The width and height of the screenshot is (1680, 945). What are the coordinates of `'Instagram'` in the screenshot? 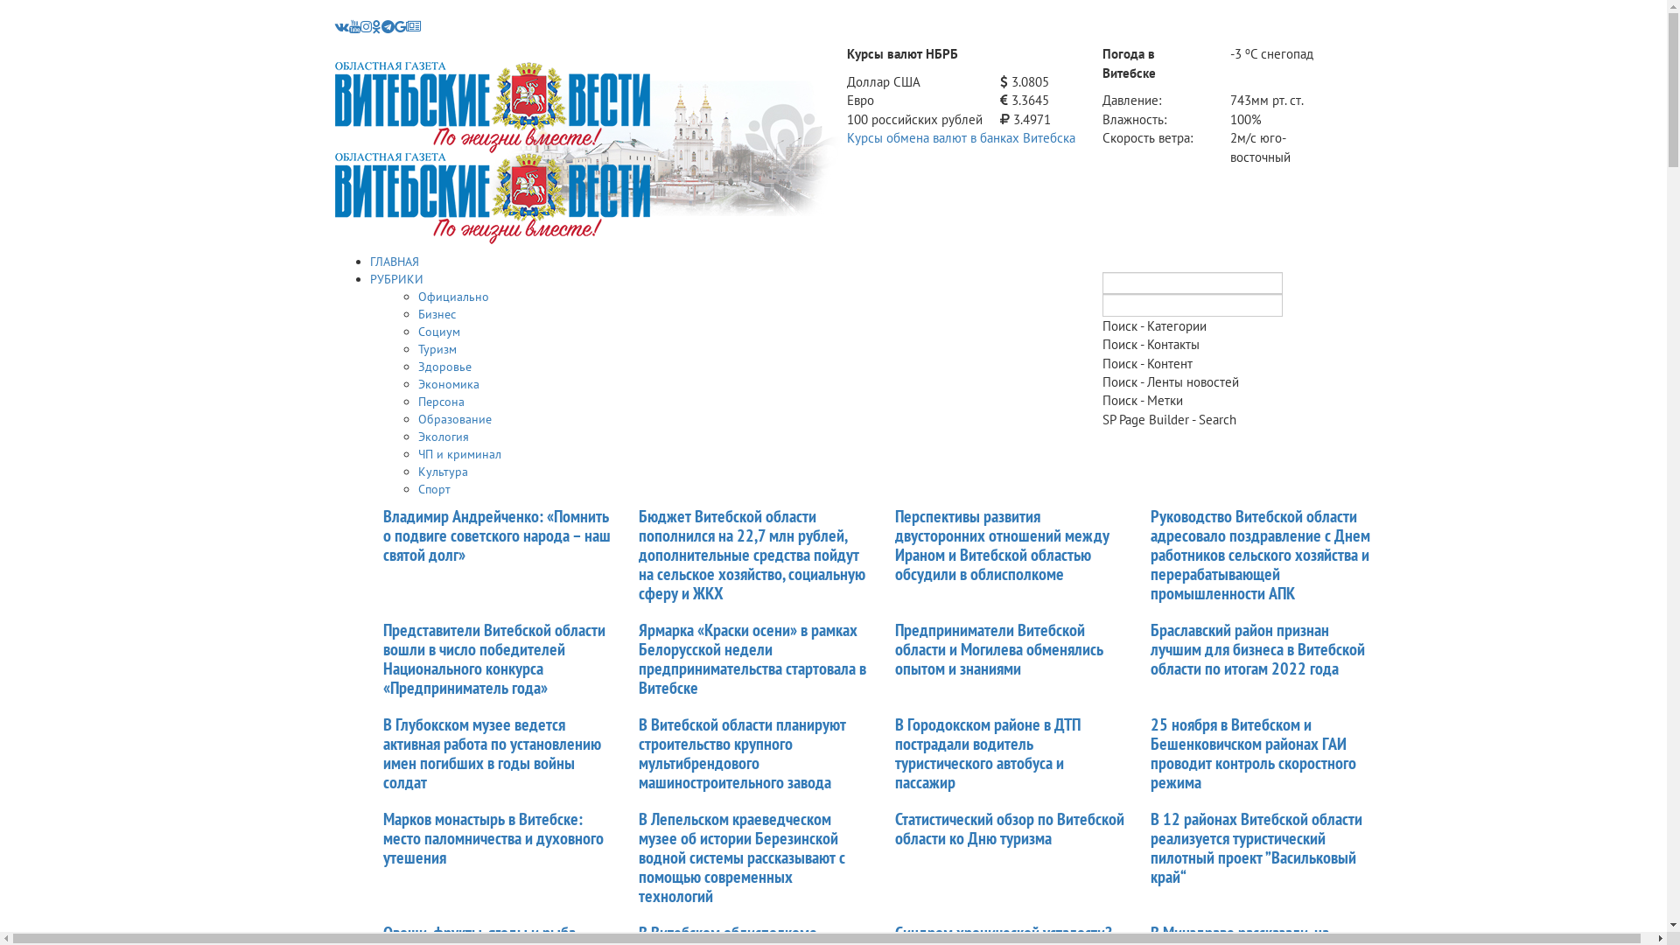 It's located at (365, 26).